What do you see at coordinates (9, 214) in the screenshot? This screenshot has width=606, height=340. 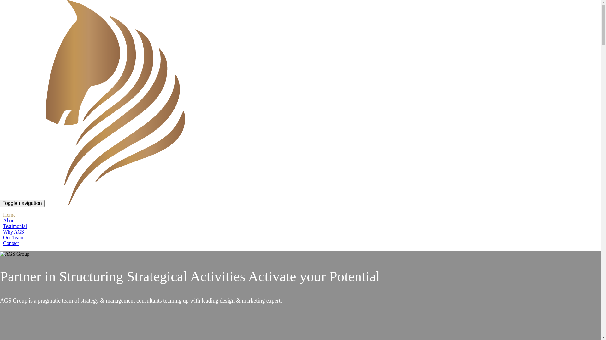 I see `'Home'` at bounding box center [9, 214].